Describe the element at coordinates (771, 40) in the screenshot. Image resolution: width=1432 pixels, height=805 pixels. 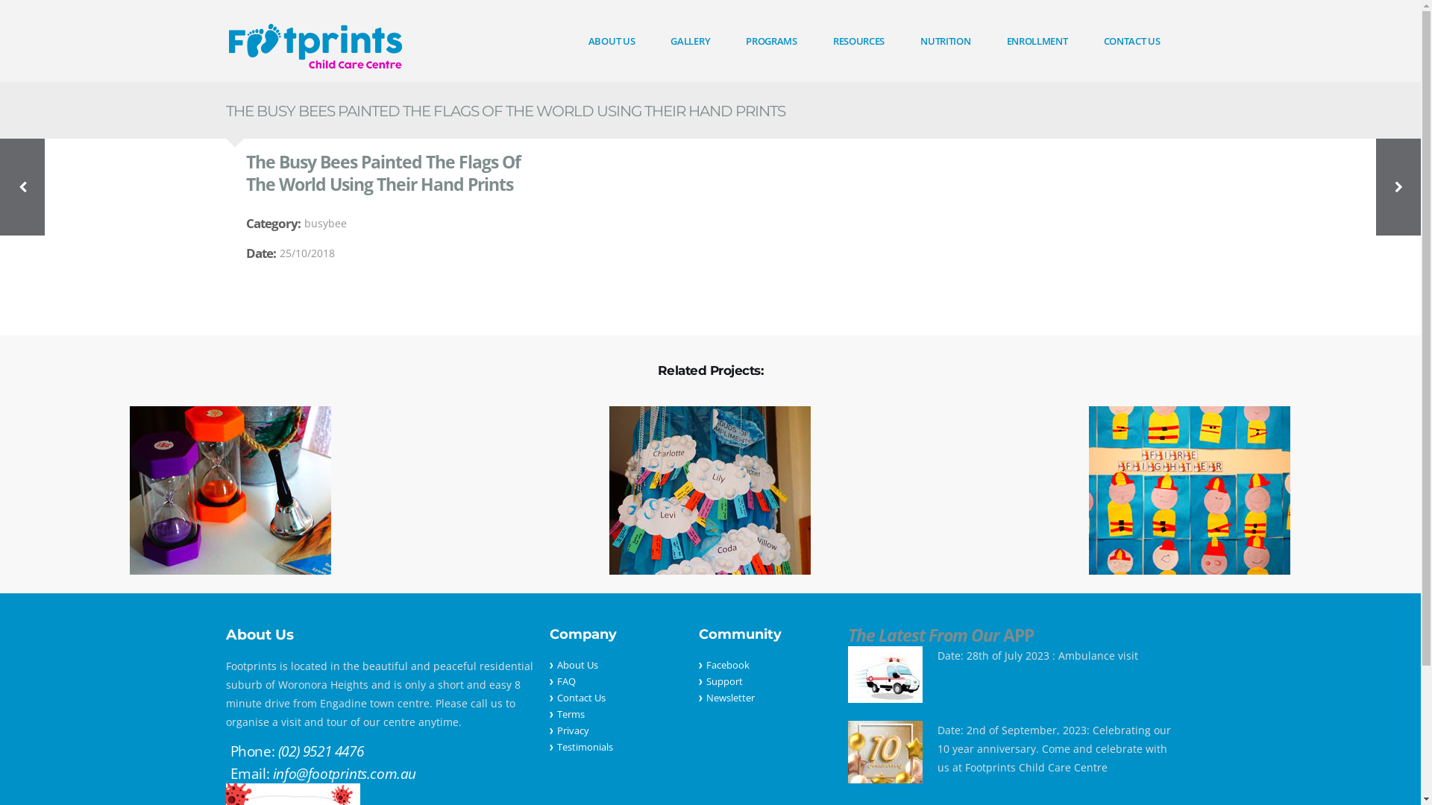
I see `'PROGRAMS'` at that location.